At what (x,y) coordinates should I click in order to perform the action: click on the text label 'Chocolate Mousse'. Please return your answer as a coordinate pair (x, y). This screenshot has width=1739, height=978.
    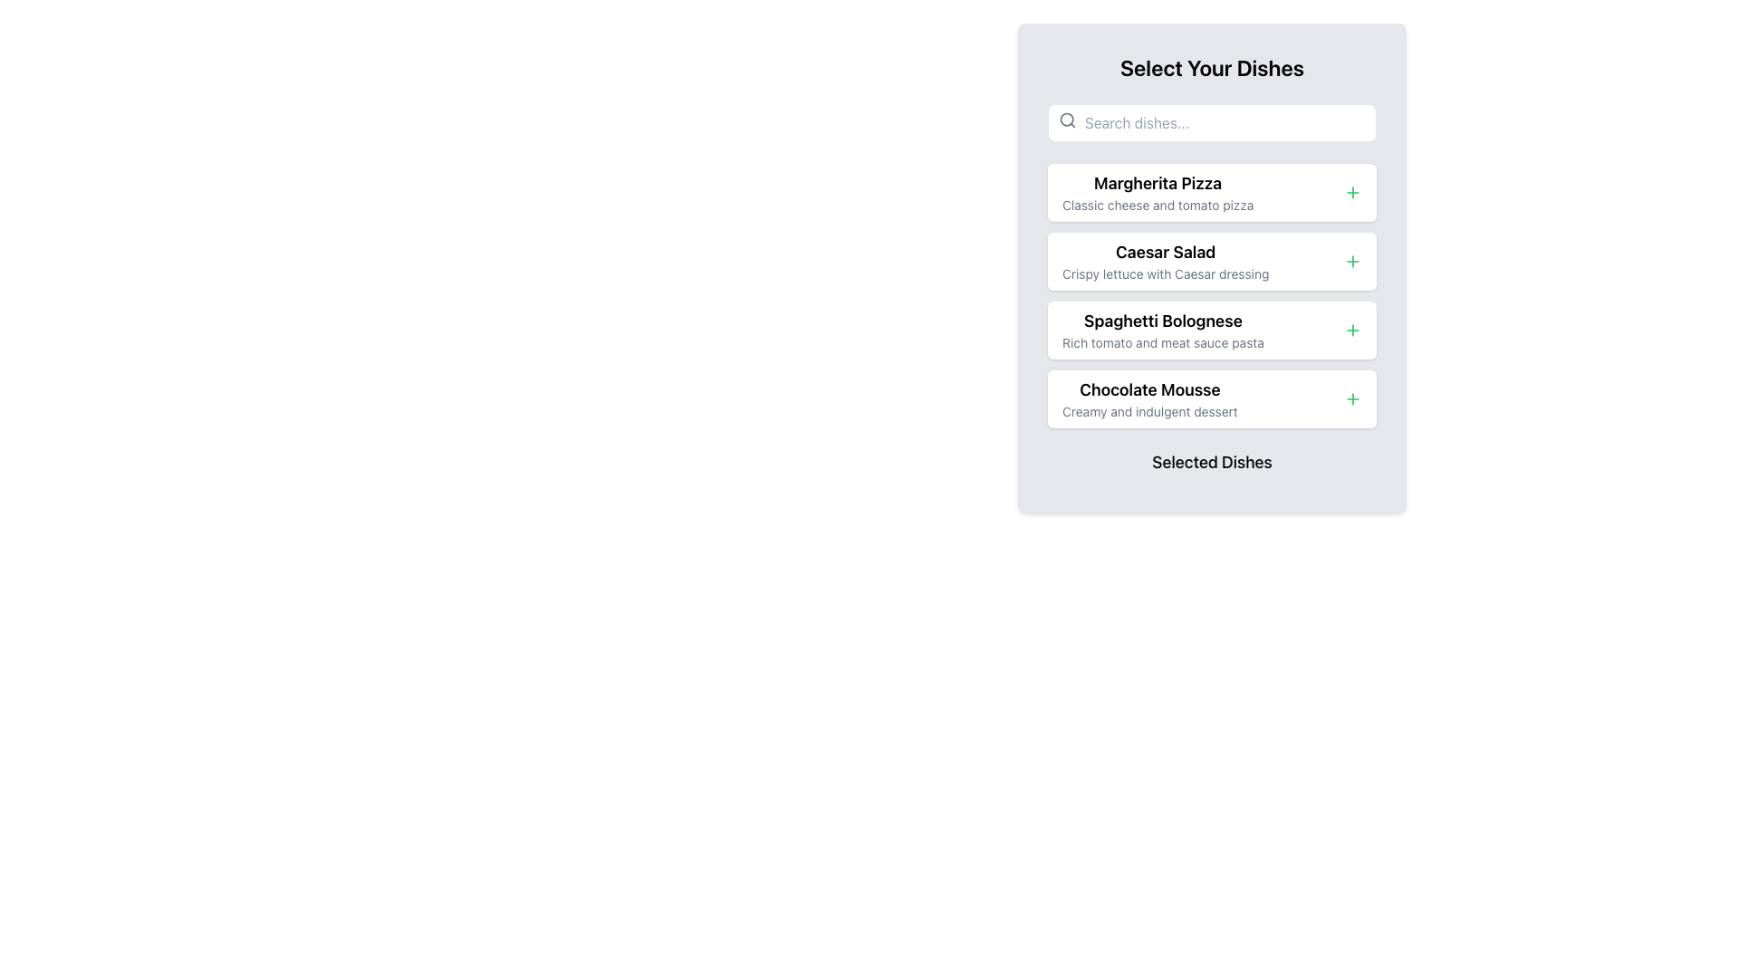
    Looking at the image, I should click on (1148, 389).